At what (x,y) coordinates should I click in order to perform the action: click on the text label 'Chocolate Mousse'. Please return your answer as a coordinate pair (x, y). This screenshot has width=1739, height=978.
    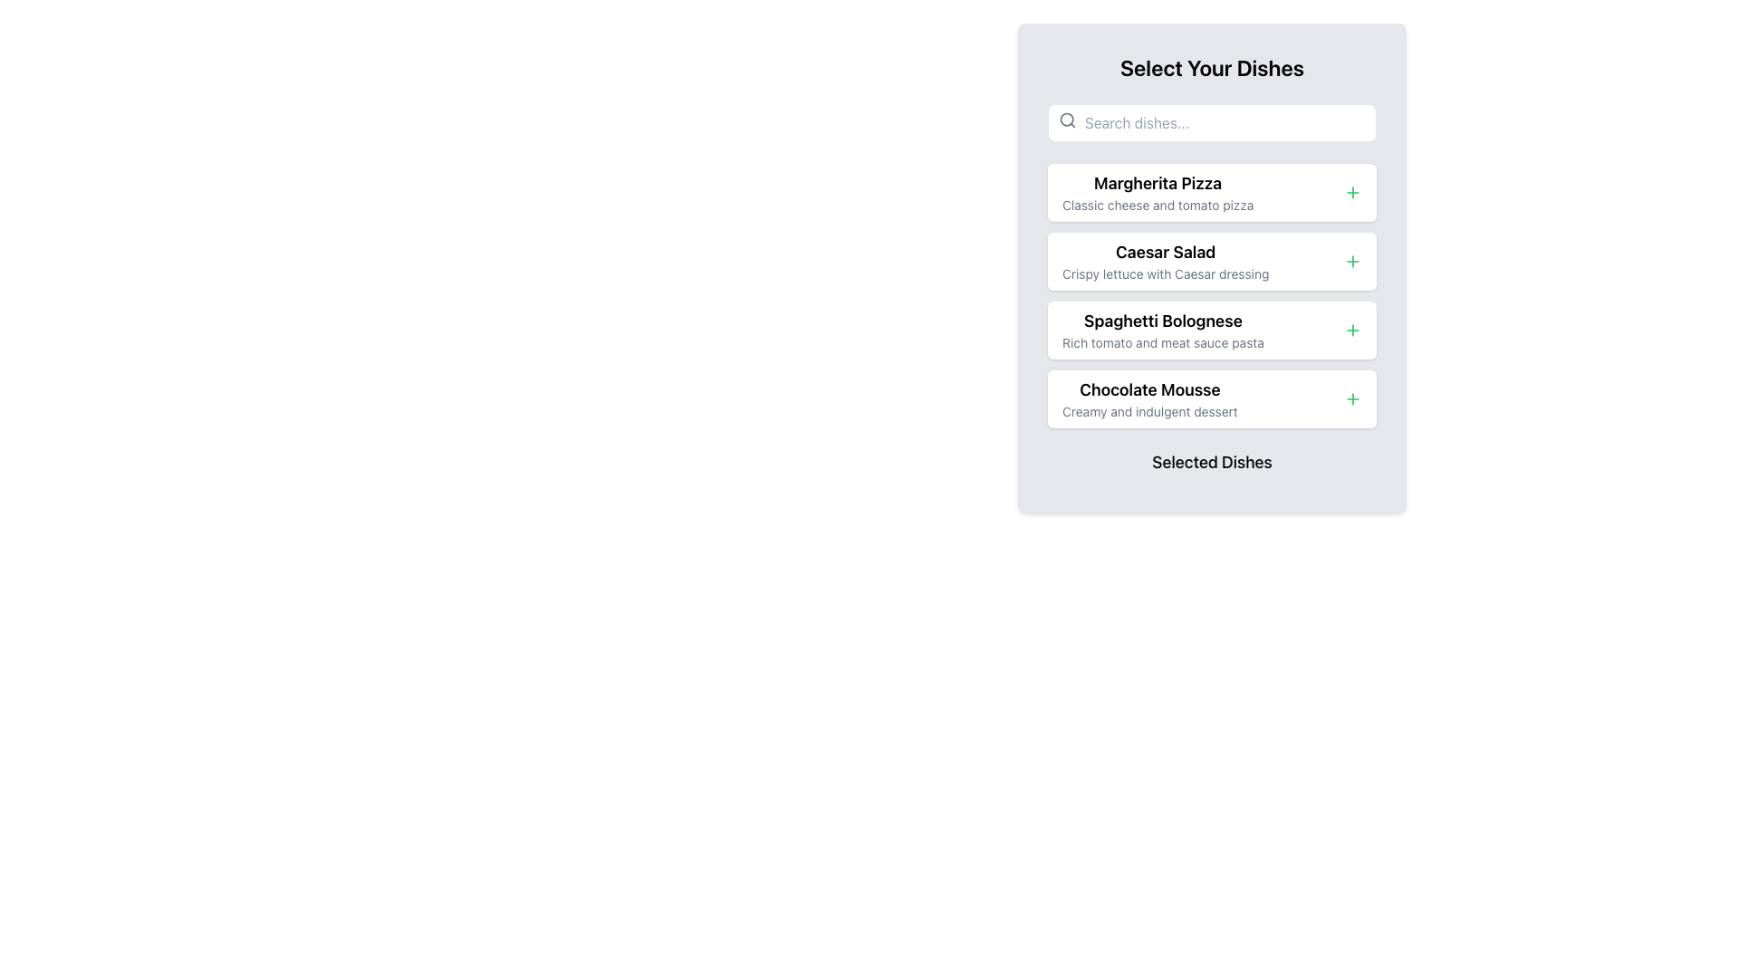
    Looking at the image, I should click on (1148, 389).